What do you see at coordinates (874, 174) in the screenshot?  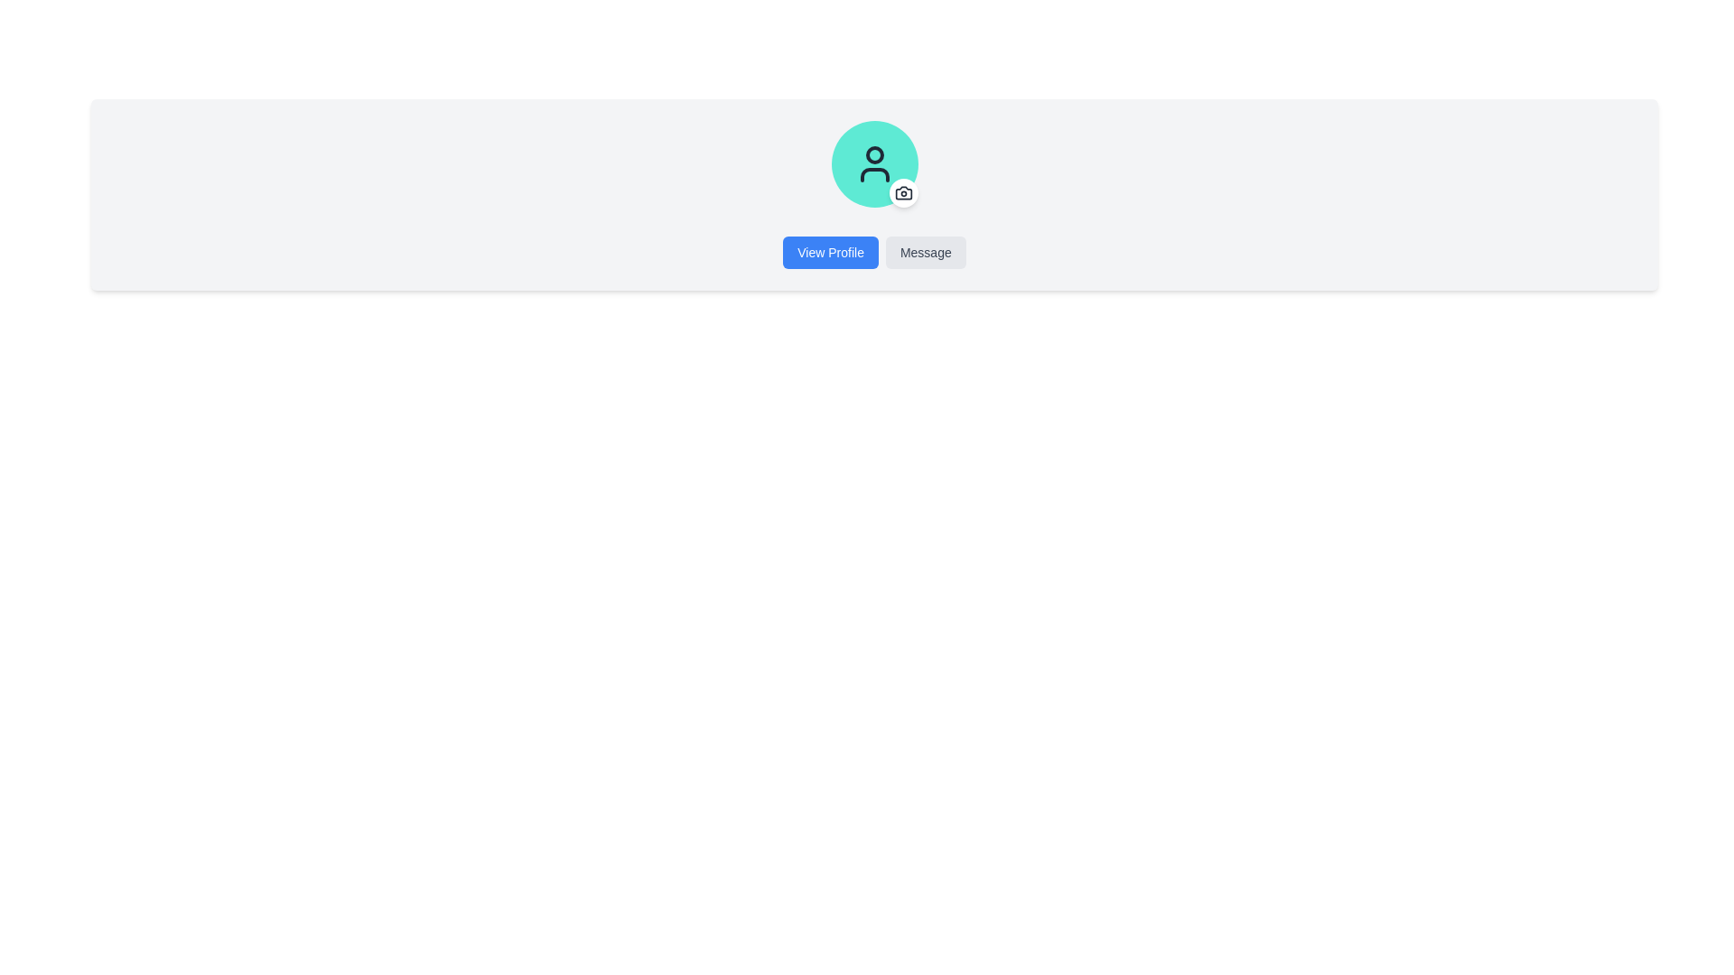 I see `the lower part of the user avatar icon, which visually represents the torso and shoulders of the user icon` at bounding box center [874, 174].